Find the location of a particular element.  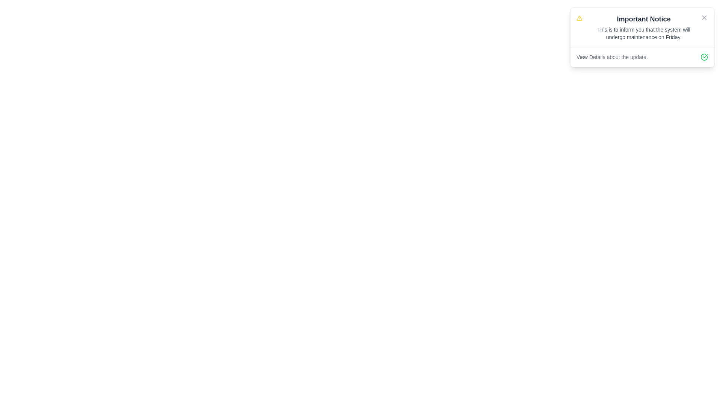

text label that says 'View Details about the update.' located at the bottom of the notice box, which is styled with a green checkmark icon adjacent to it is located at coordinates (642, 56).